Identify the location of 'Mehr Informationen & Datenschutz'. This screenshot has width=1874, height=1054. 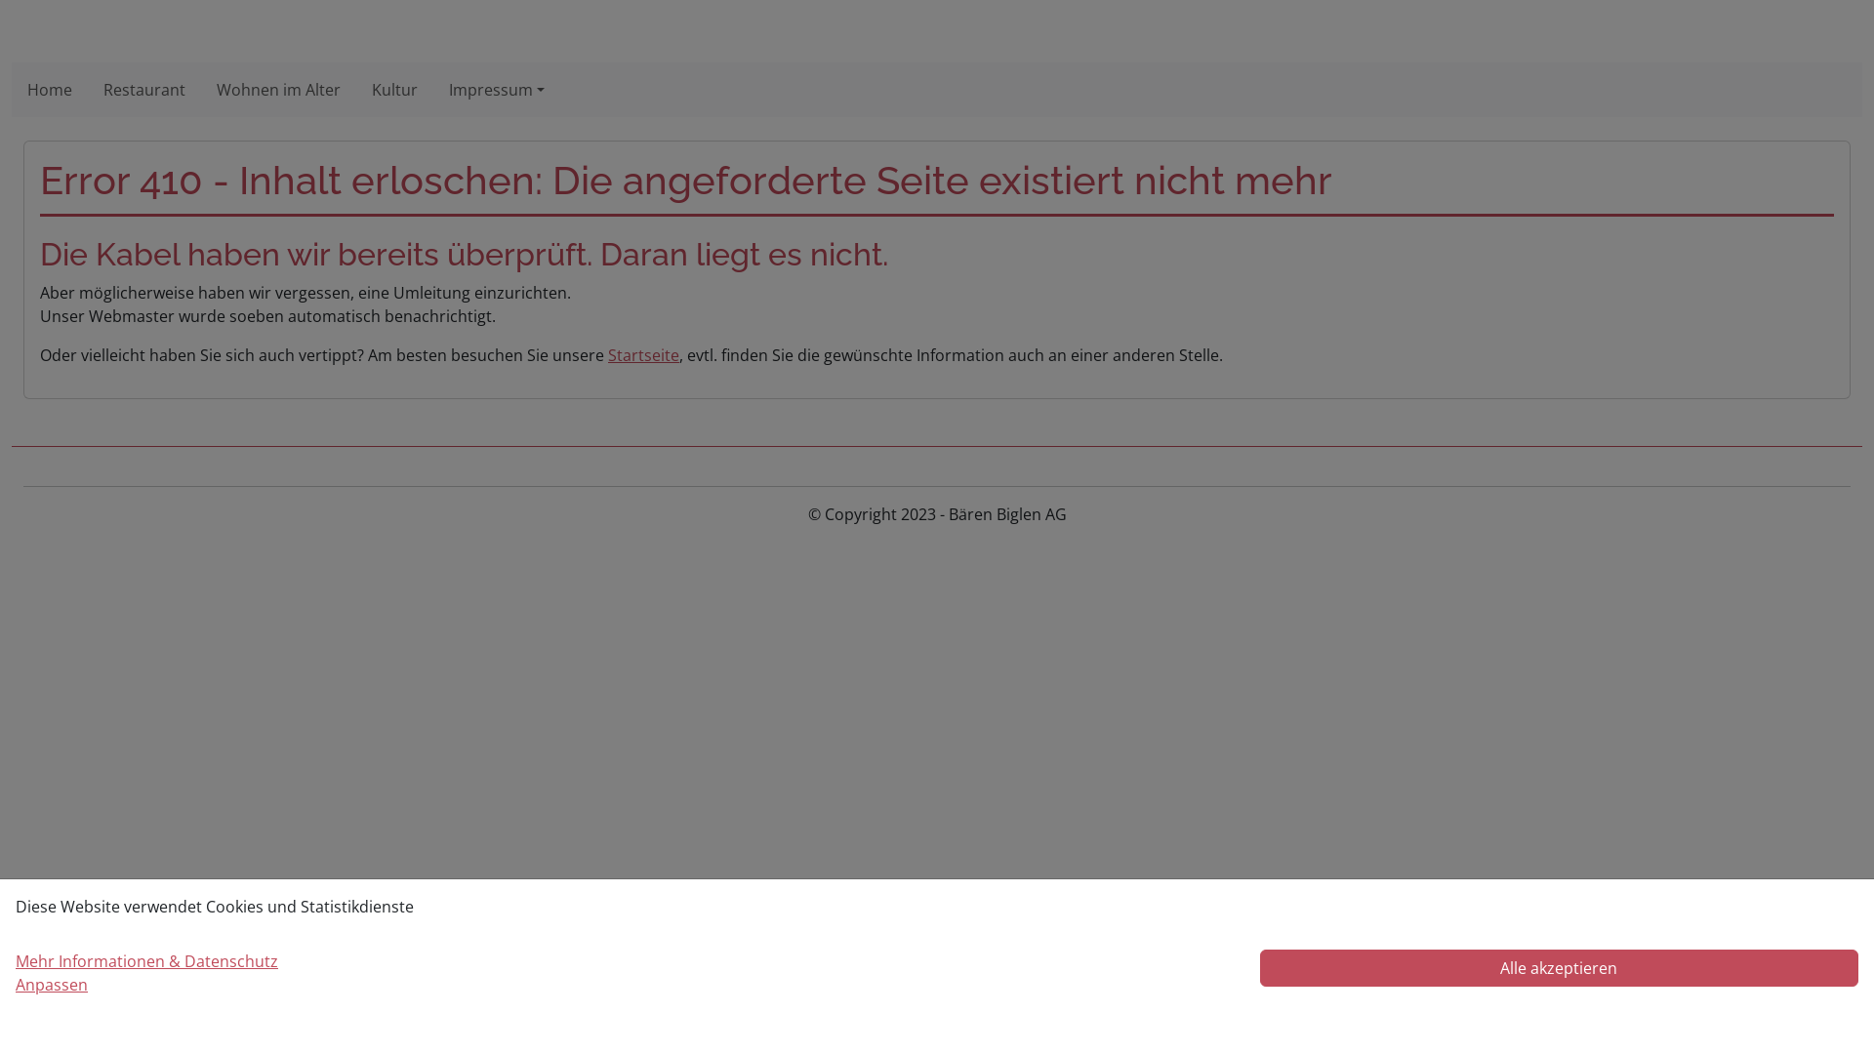
(145, 959).